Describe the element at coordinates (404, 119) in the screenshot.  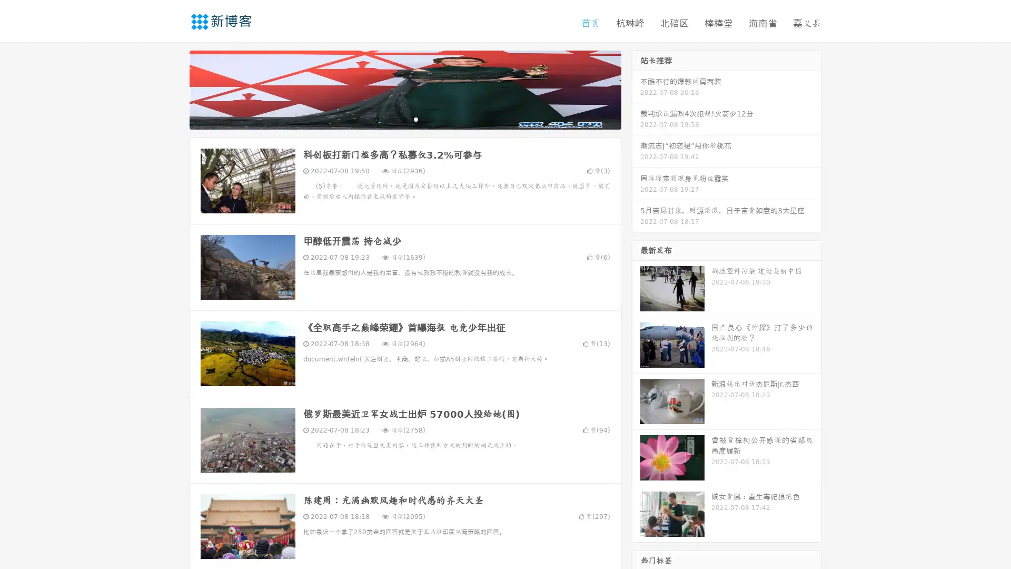
I see `Go to slide 2` at that location.